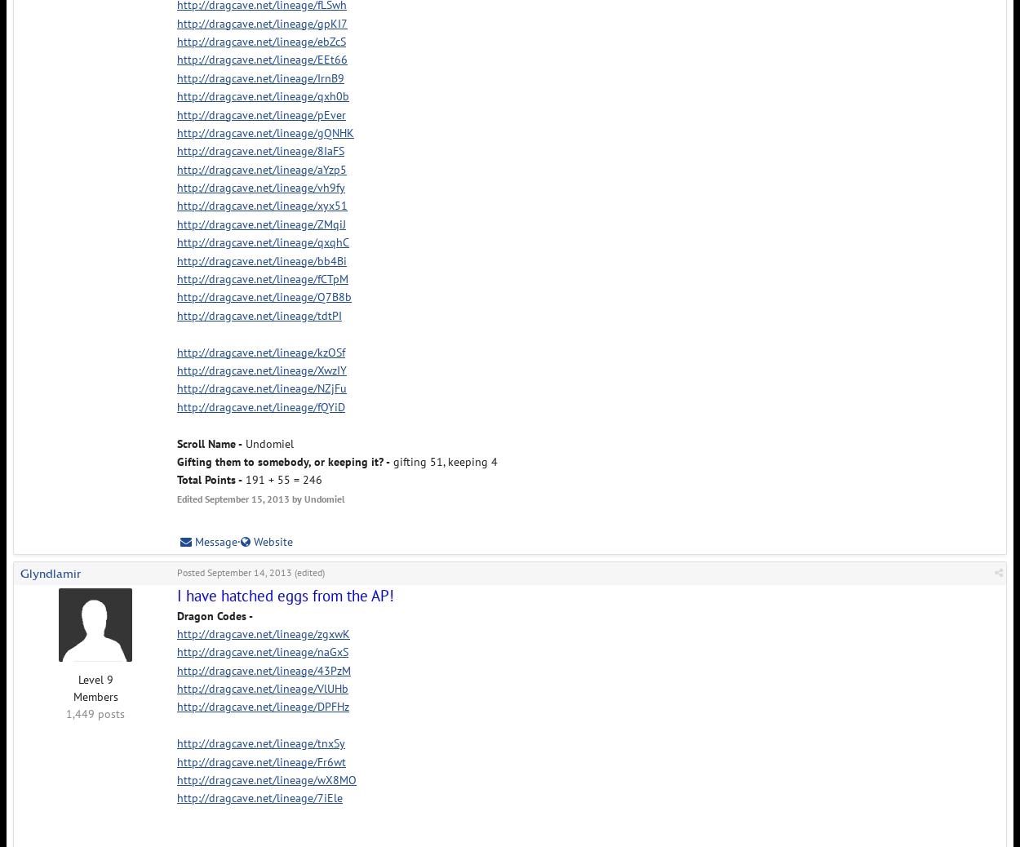  I want to click on 'http://dragcave.net/lineage/zgxwK', so click(176, 632).